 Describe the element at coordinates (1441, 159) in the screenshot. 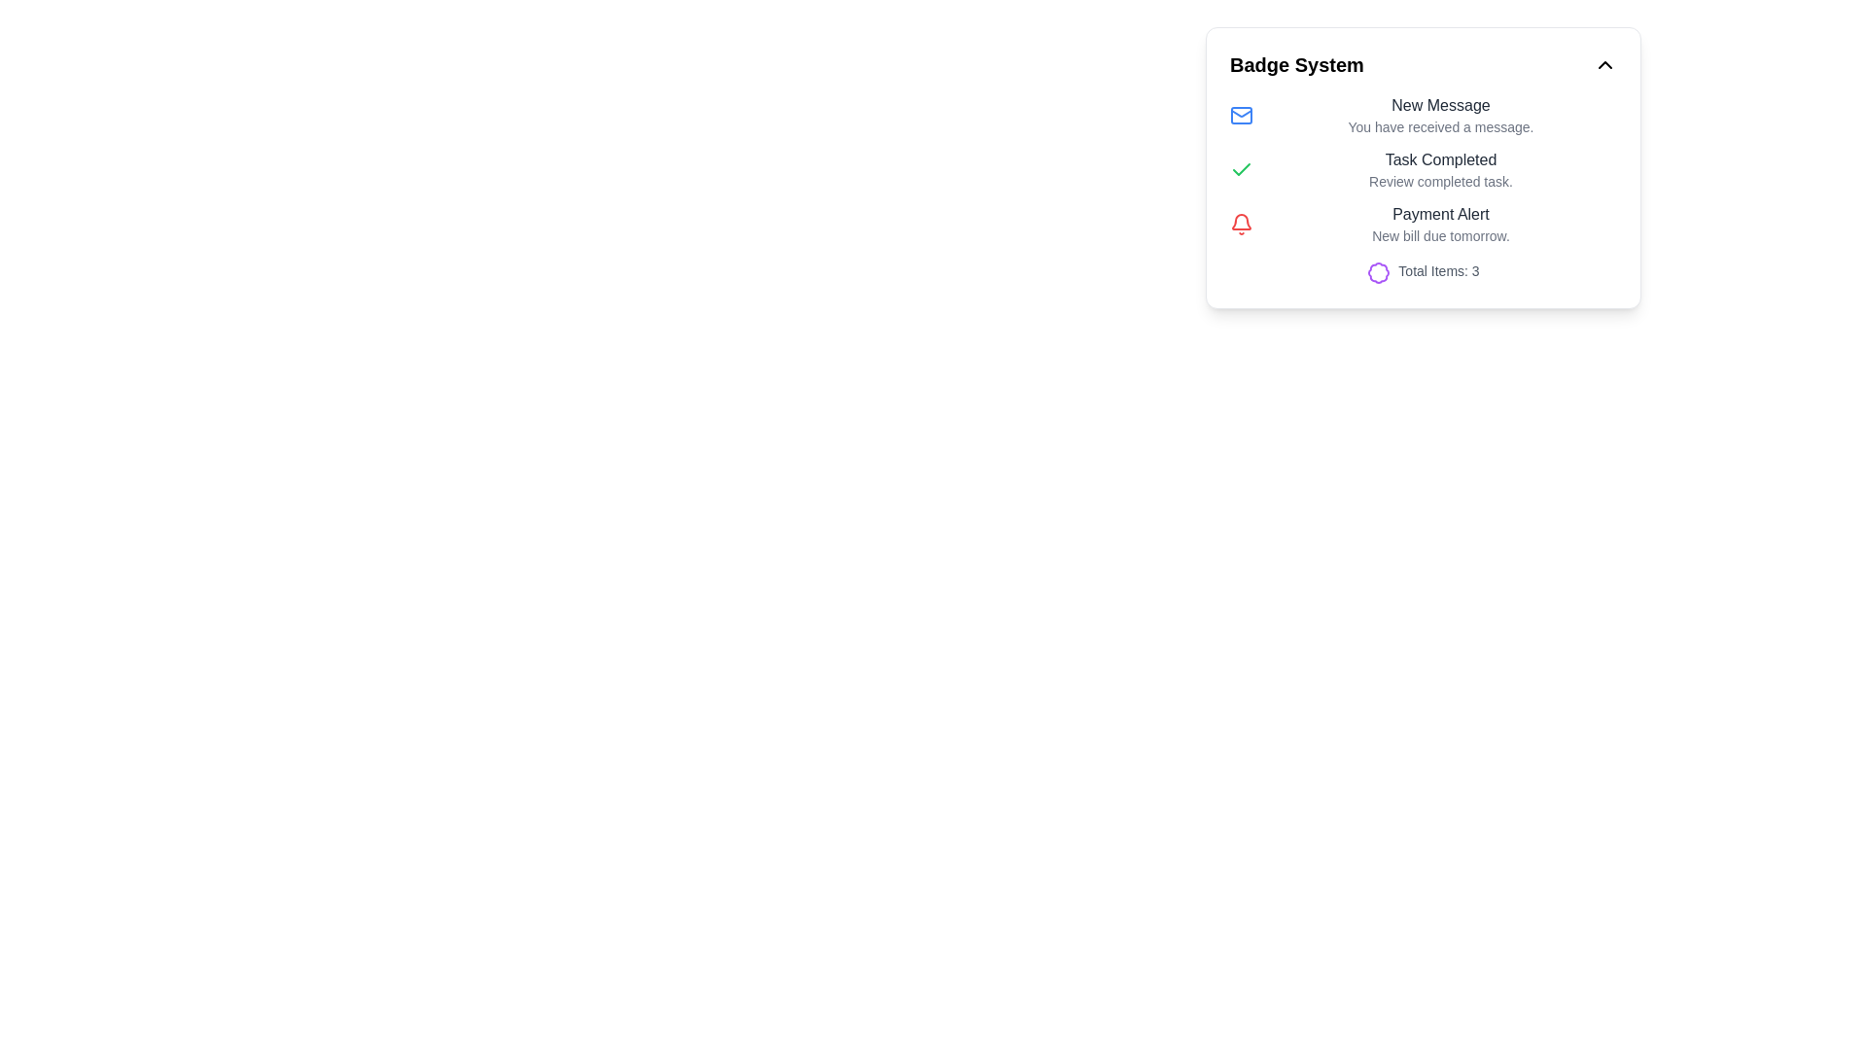

I see `the Text label that serves as a title for the task notification, which is located above the description text 'Review completed task'` at that location.